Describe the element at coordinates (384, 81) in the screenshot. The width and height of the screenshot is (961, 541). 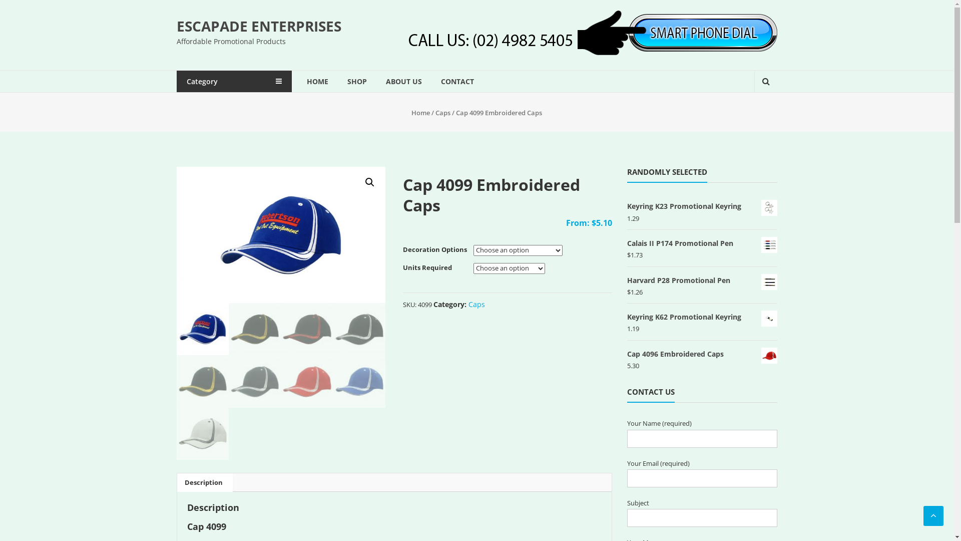
I see `'ABOUT US'` at that location.